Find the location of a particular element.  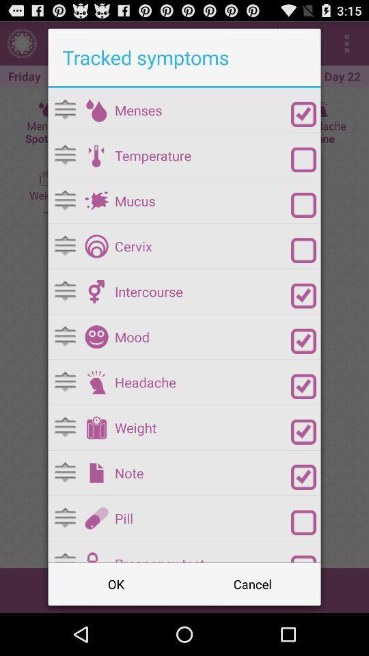

icon above the mucus is located at coordinates (202, 155).